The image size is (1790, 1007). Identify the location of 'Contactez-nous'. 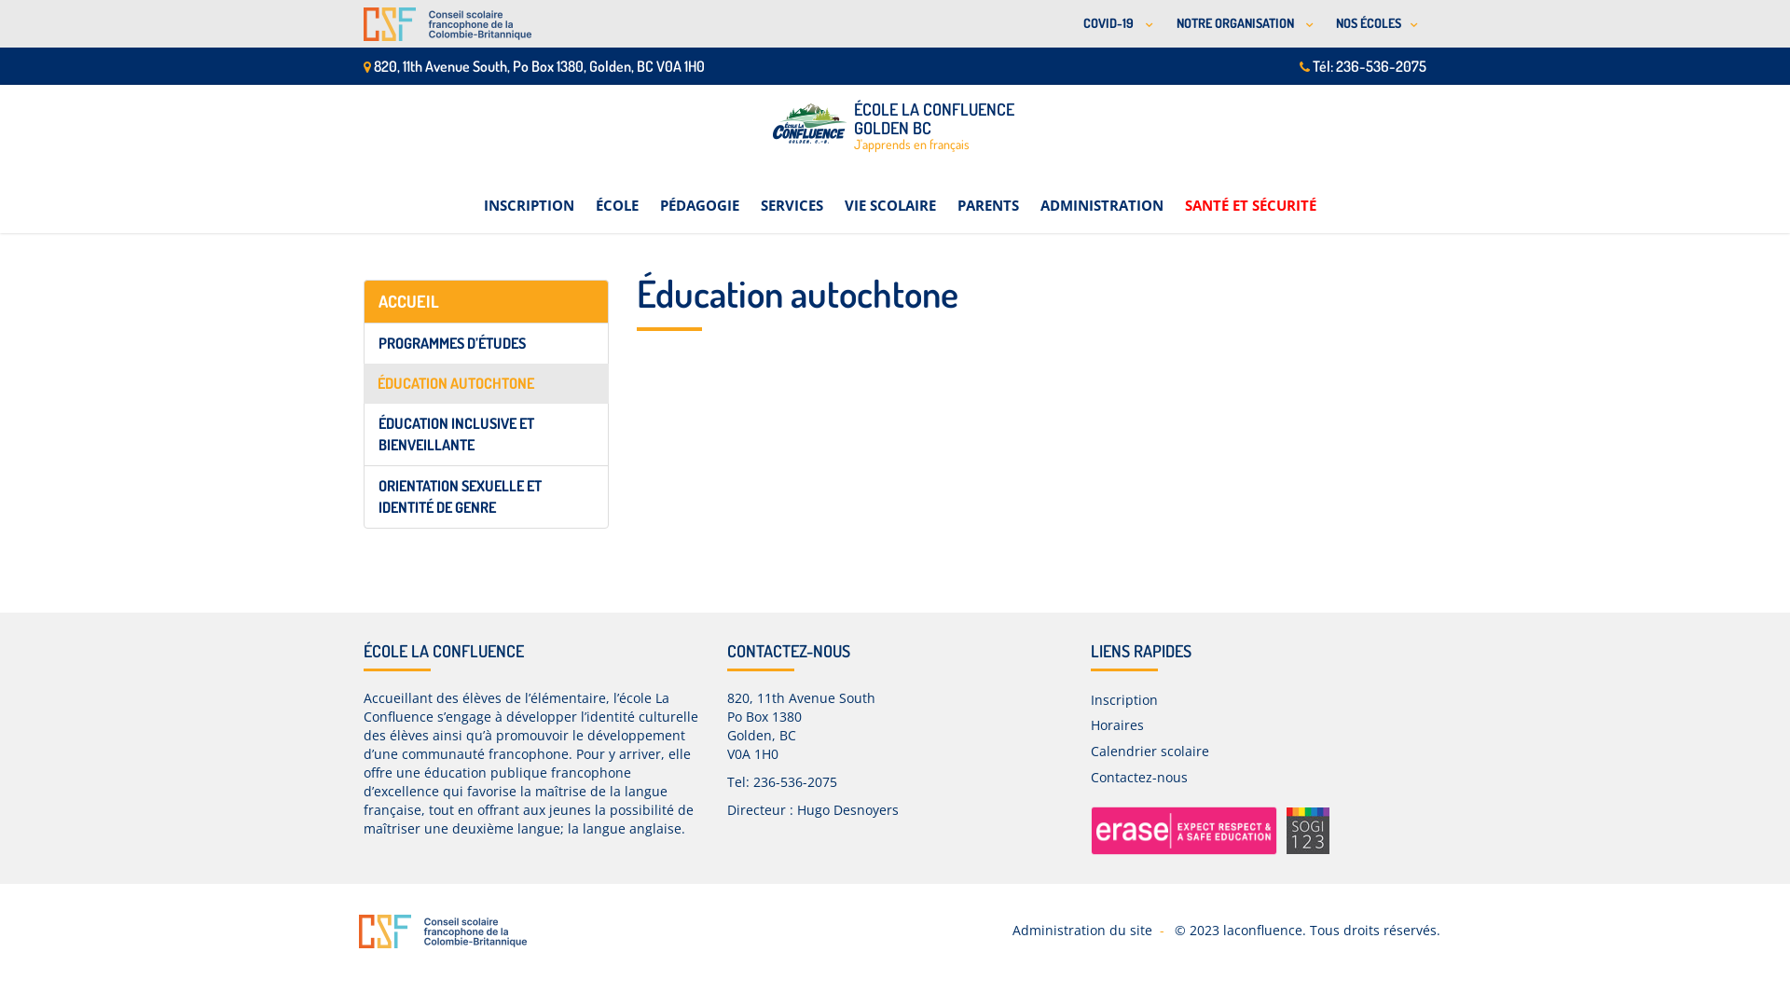
(1138, 777).